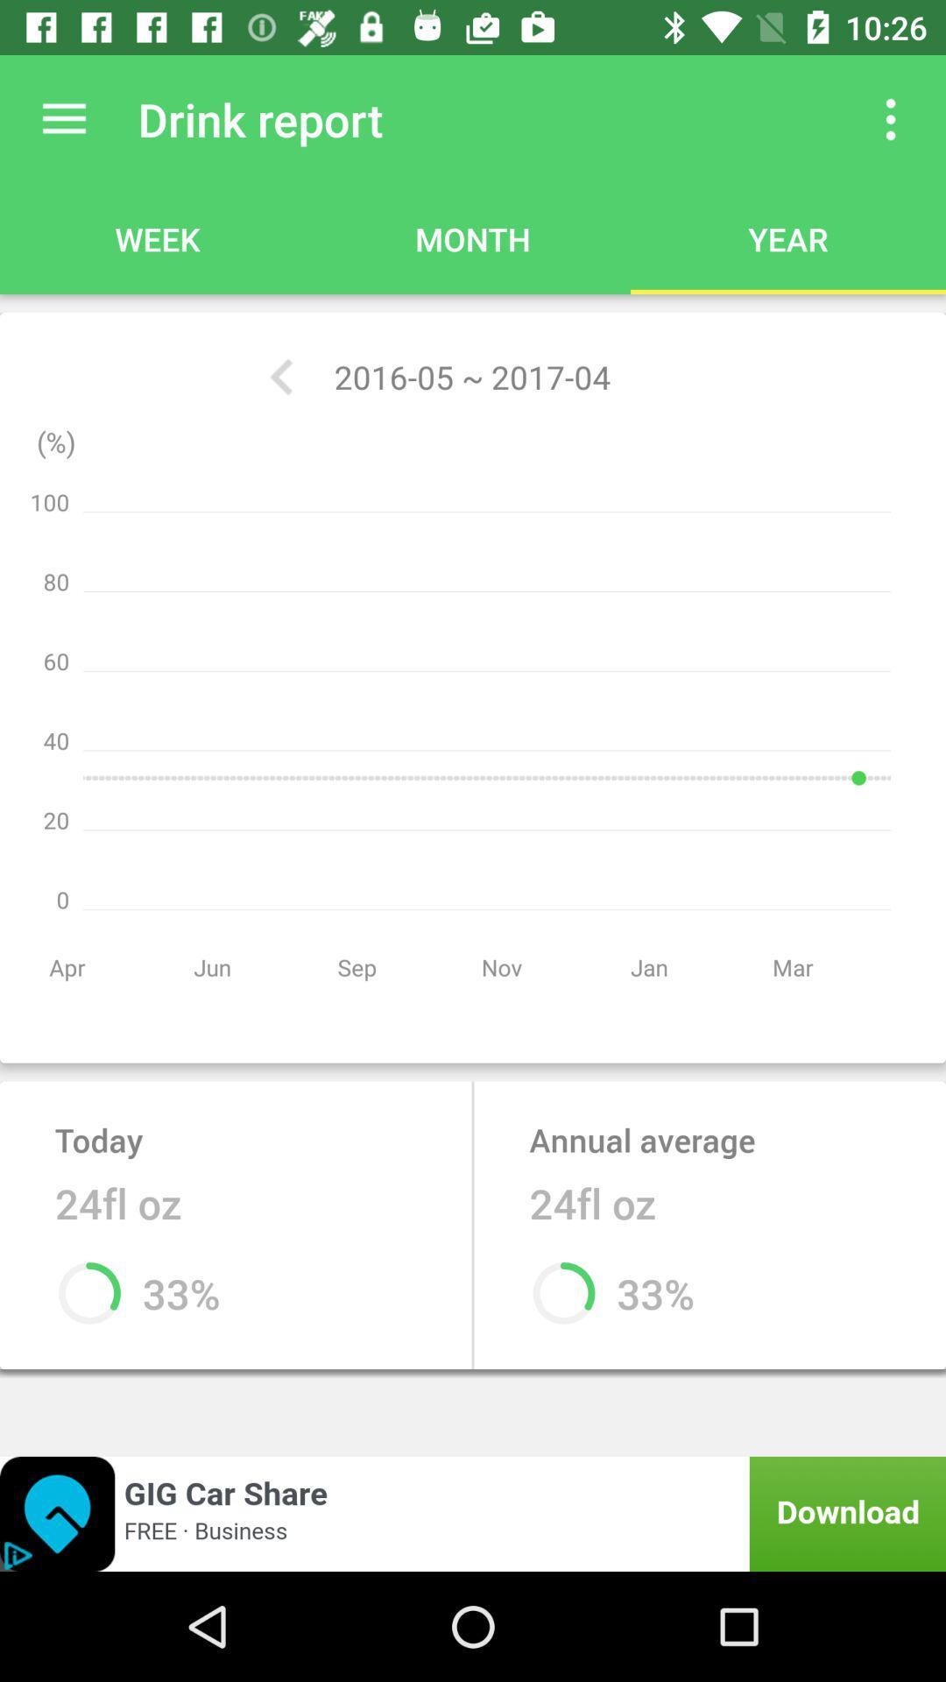 The height and width of the screenshot is (1682, 946). I want to click on the icon next to 2016 05 2017 icon, so click(279, 376).